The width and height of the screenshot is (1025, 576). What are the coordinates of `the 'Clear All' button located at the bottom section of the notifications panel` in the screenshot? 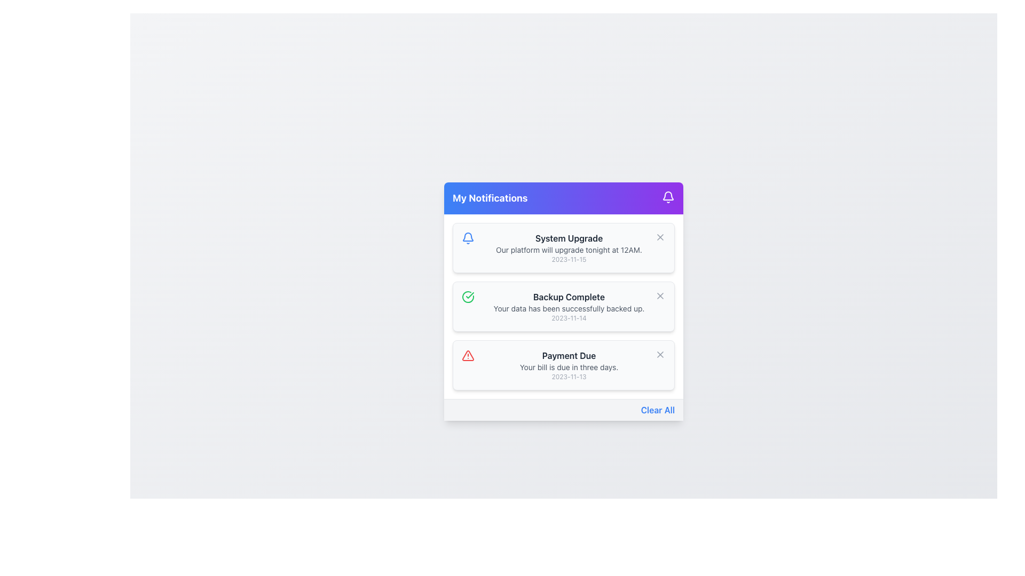 It's located at (657, 409).